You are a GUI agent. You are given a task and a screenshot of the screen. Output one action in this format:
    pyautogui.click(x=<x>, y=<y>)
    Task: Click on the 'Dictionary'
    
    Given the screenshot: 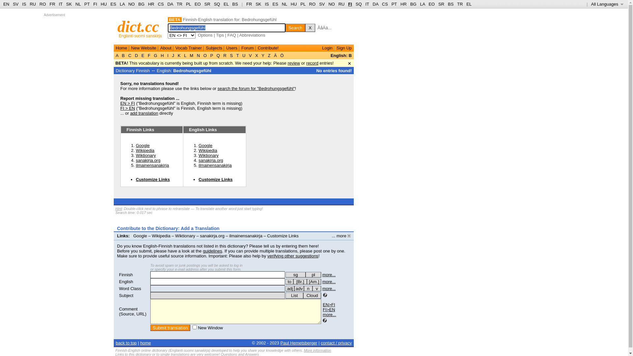 What is the action you would take?
    pyautogui.click(x=115, y=71)
    